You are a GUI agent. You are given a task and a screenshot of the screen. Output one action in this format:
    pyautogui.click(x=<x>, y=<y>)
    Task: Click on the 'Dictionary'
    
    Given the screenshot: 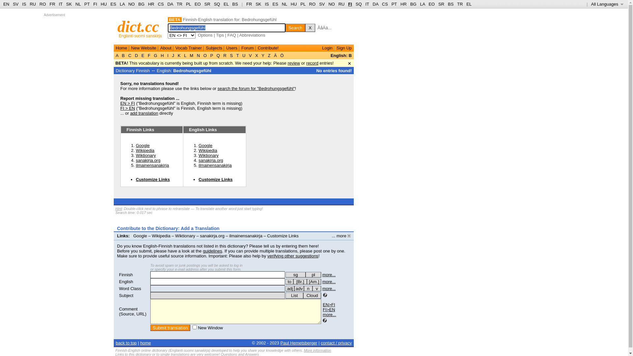 What is the action you would take?
    pyautogui.click(x=115, y=71)
    